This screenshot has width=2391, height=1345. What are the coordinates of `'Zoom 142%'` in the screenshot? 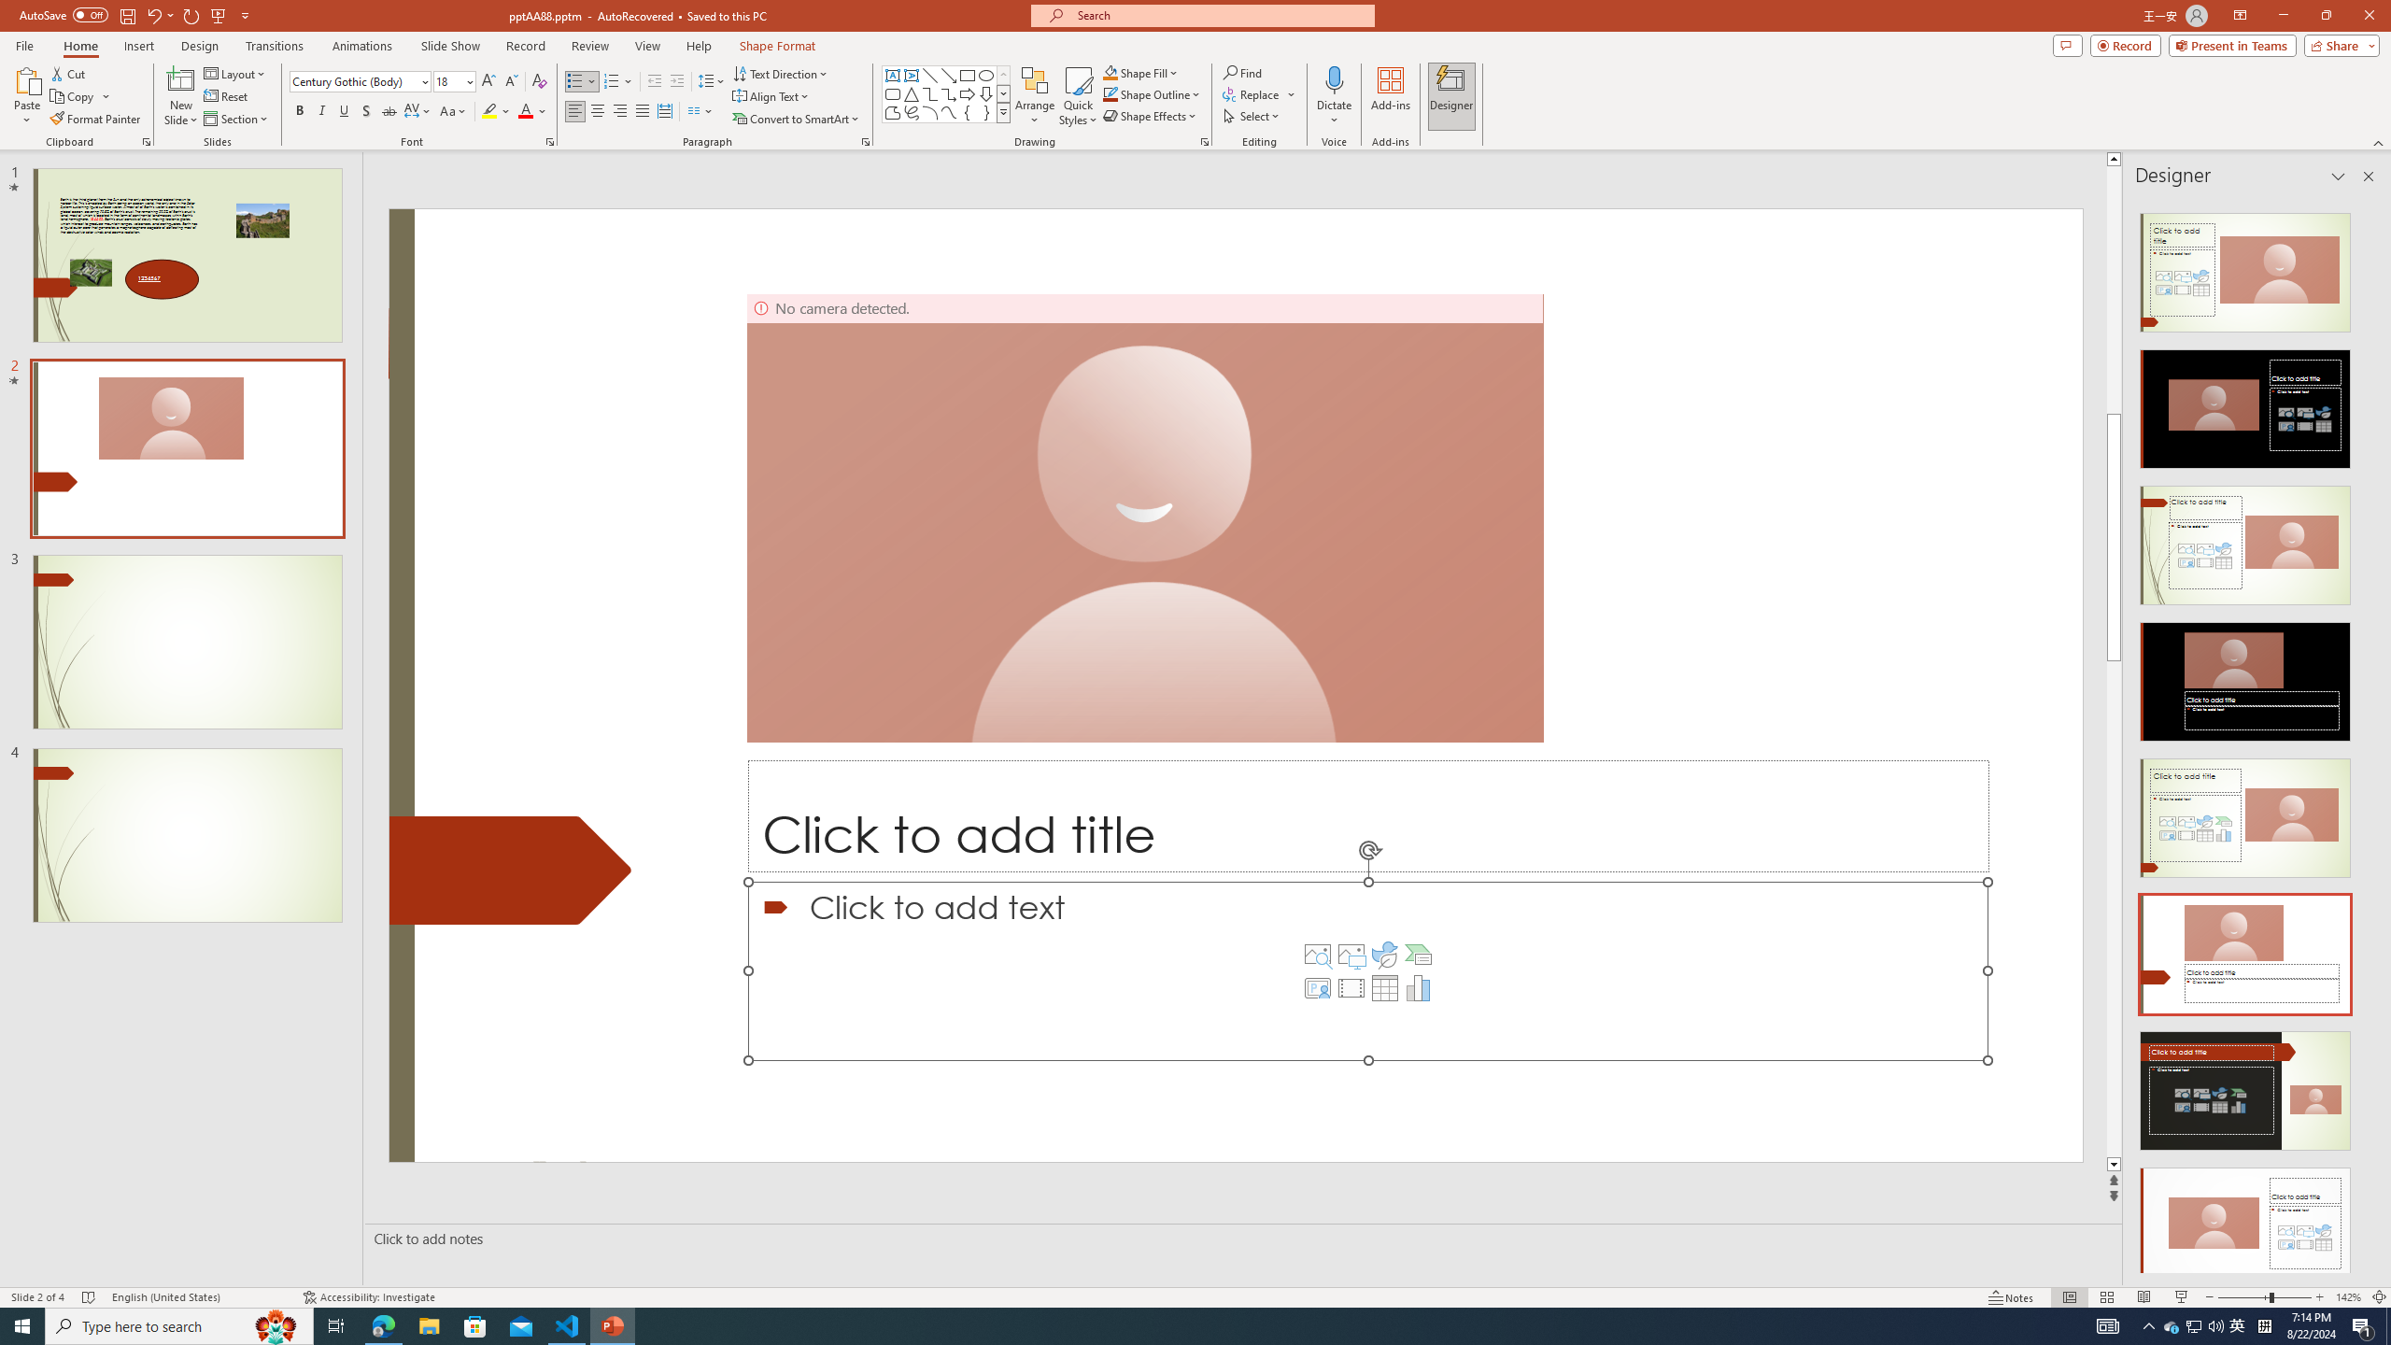 It's located at (2349, 1297).